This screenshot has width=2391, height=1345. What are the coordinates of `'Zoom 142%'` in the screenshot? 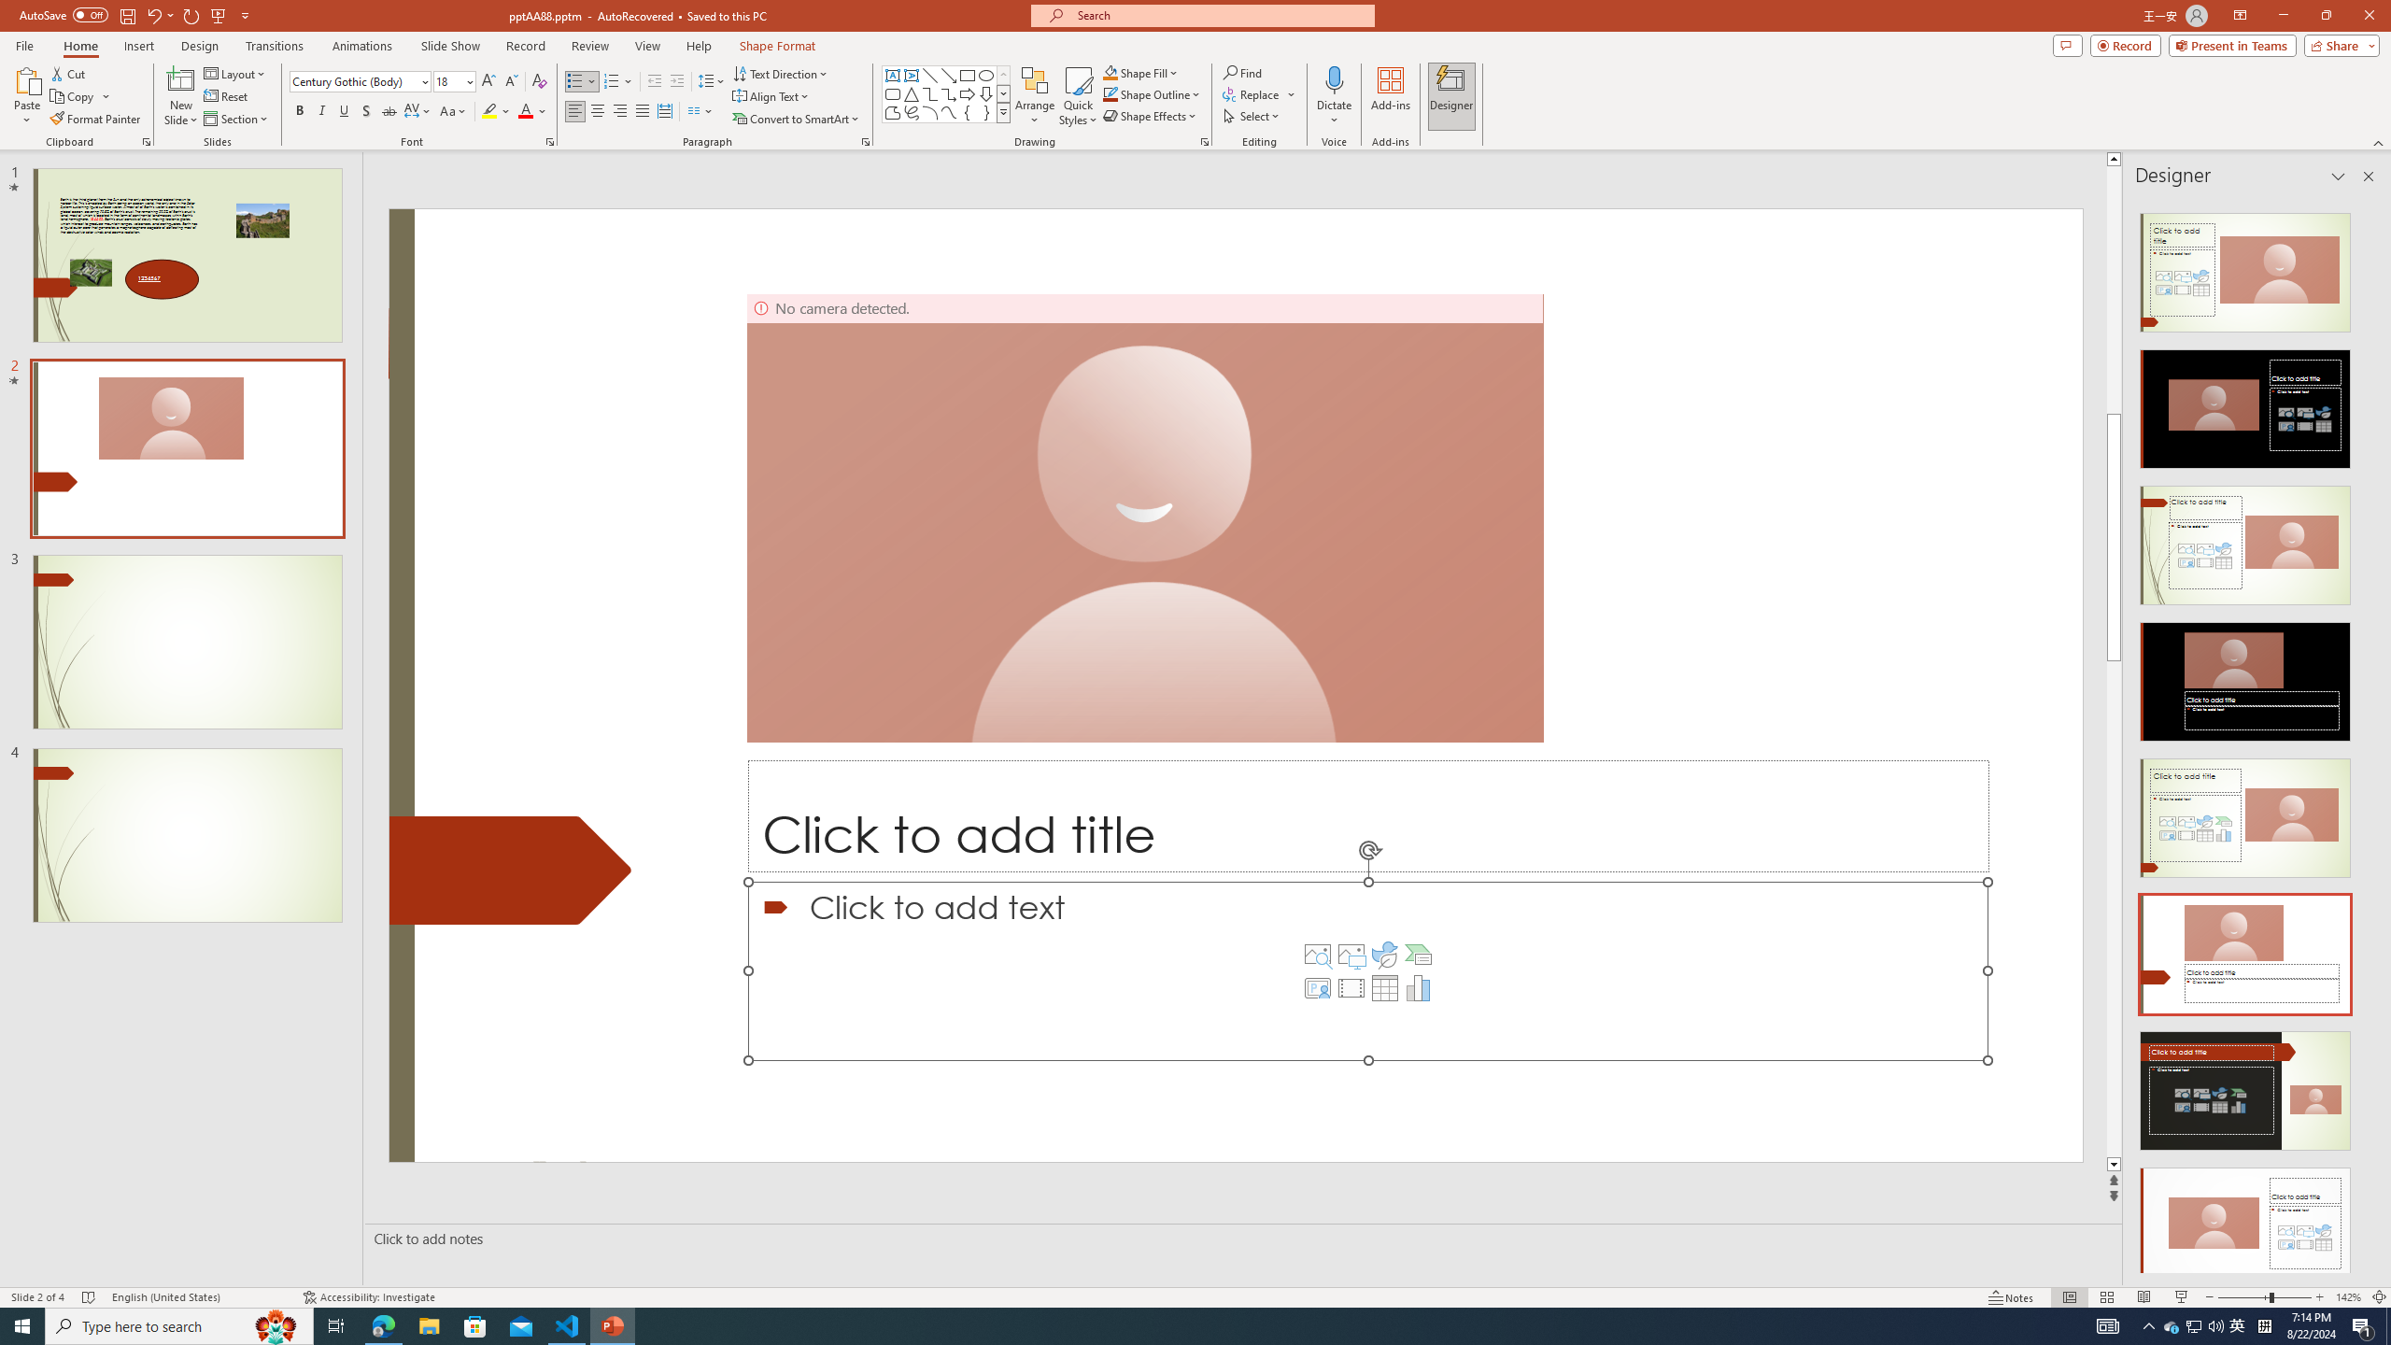 It's located at (2349, 1297).